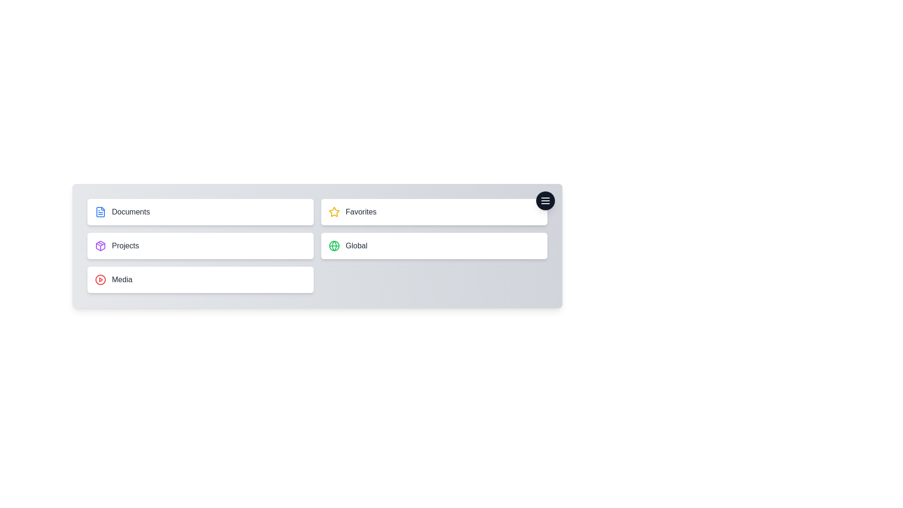  I want to click on the menu item labeled Global, so click(434, 246).